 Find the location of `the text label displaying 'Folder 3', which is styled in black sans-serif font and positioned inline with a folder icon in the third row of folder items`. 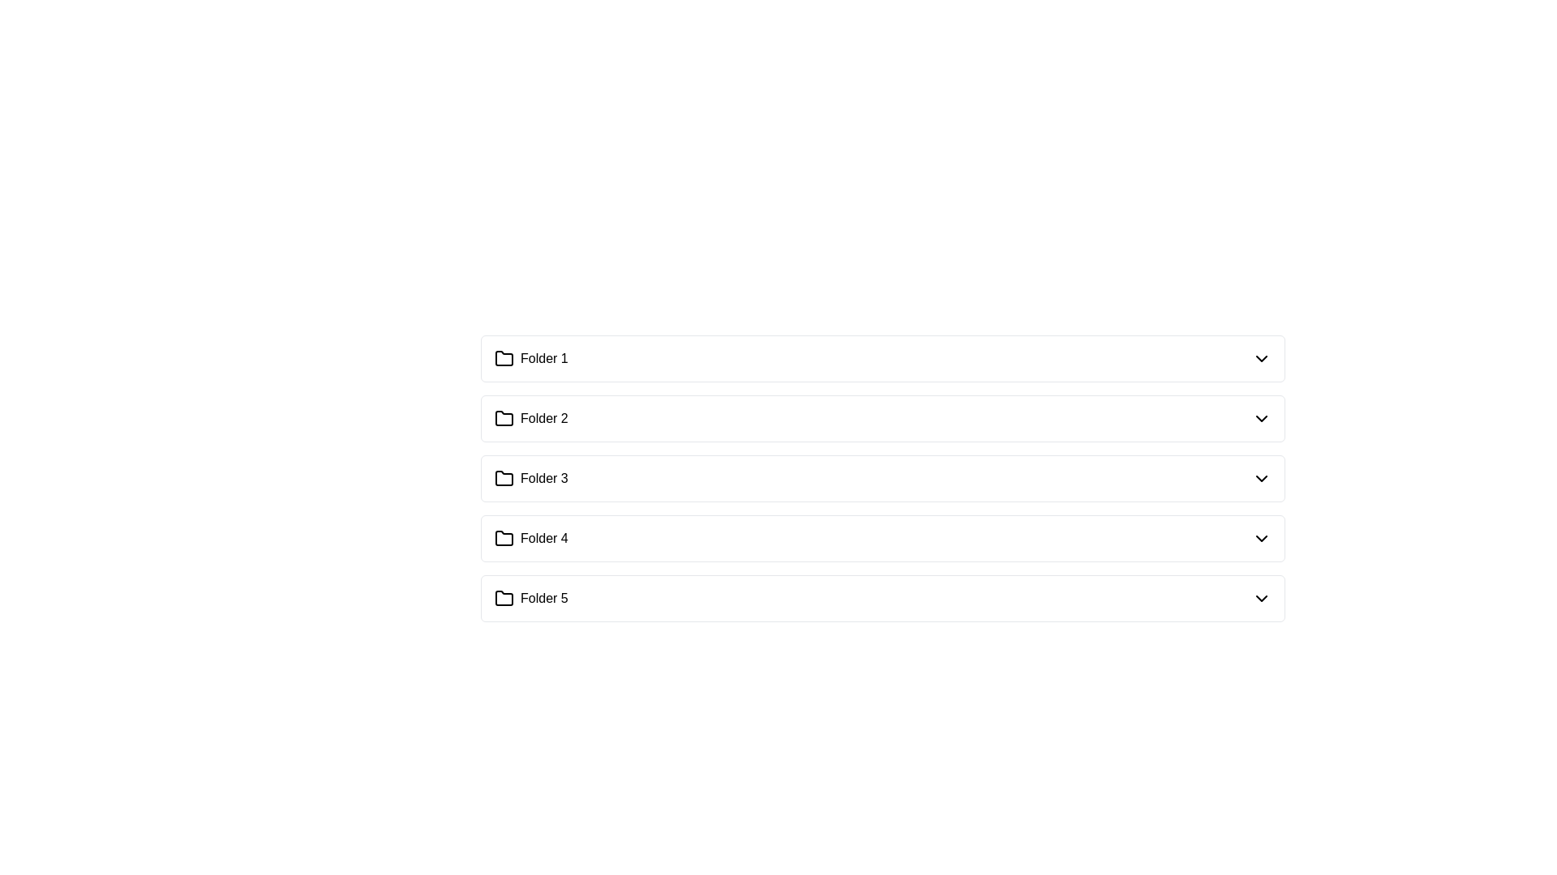

the text label displaying 'Folder 3', which is styled in black sans-serif font and positioned inline with a folder icon in the third row of folder items is located at coordinates (544, 477).